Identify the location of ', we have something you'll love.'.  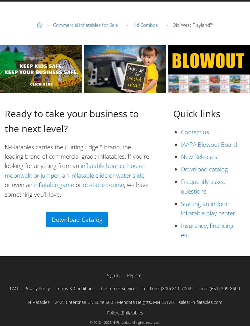
(76, 189).